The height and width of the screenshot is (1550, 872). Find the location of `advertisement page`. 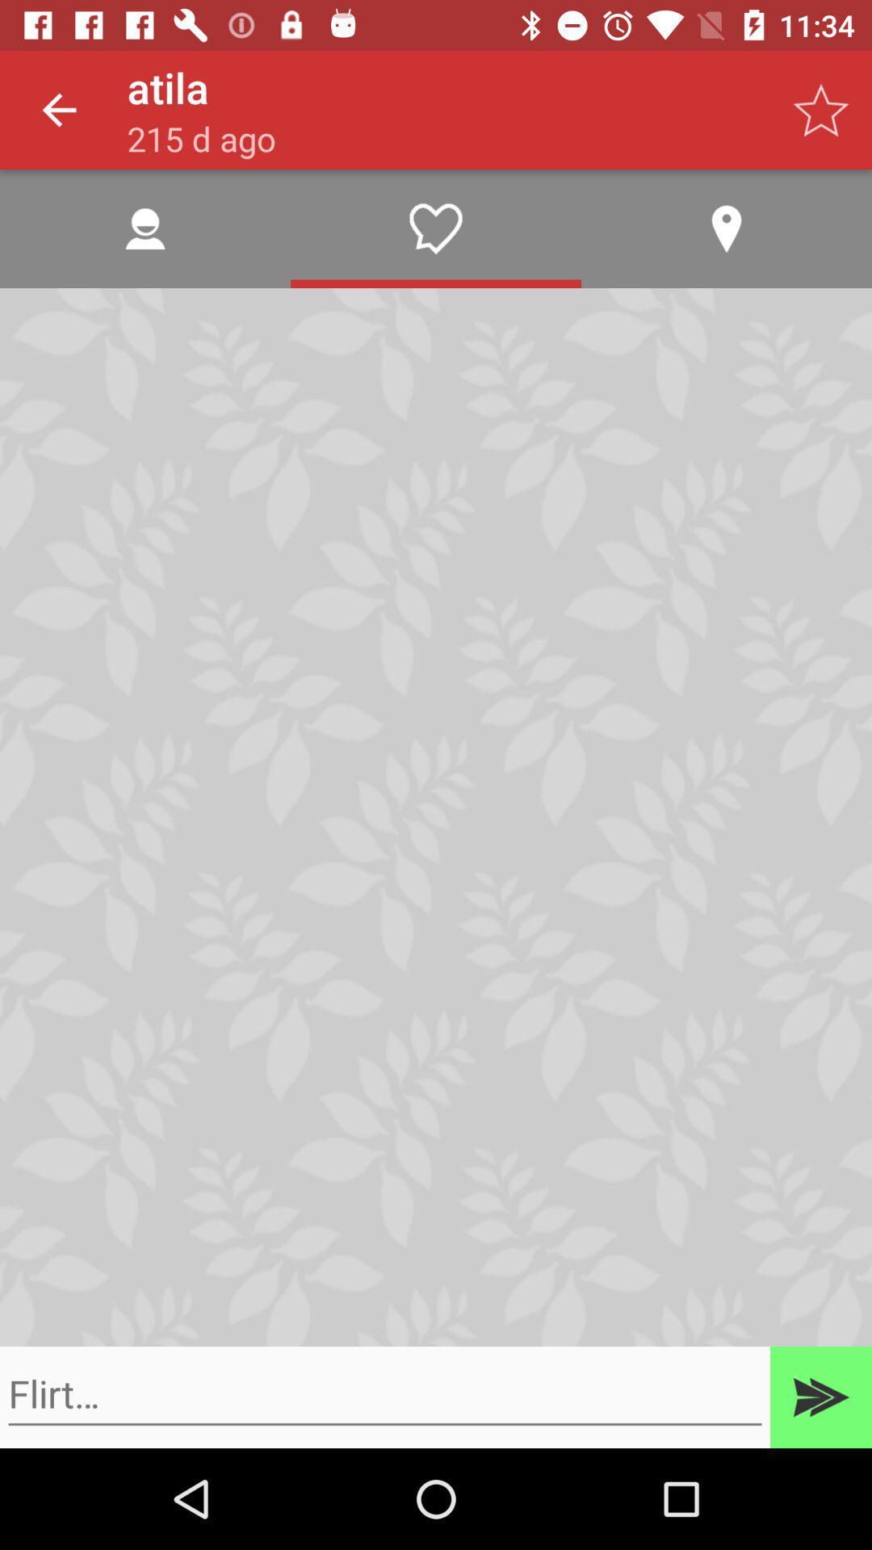

advertisement page is located at coordinates (385, 1393).